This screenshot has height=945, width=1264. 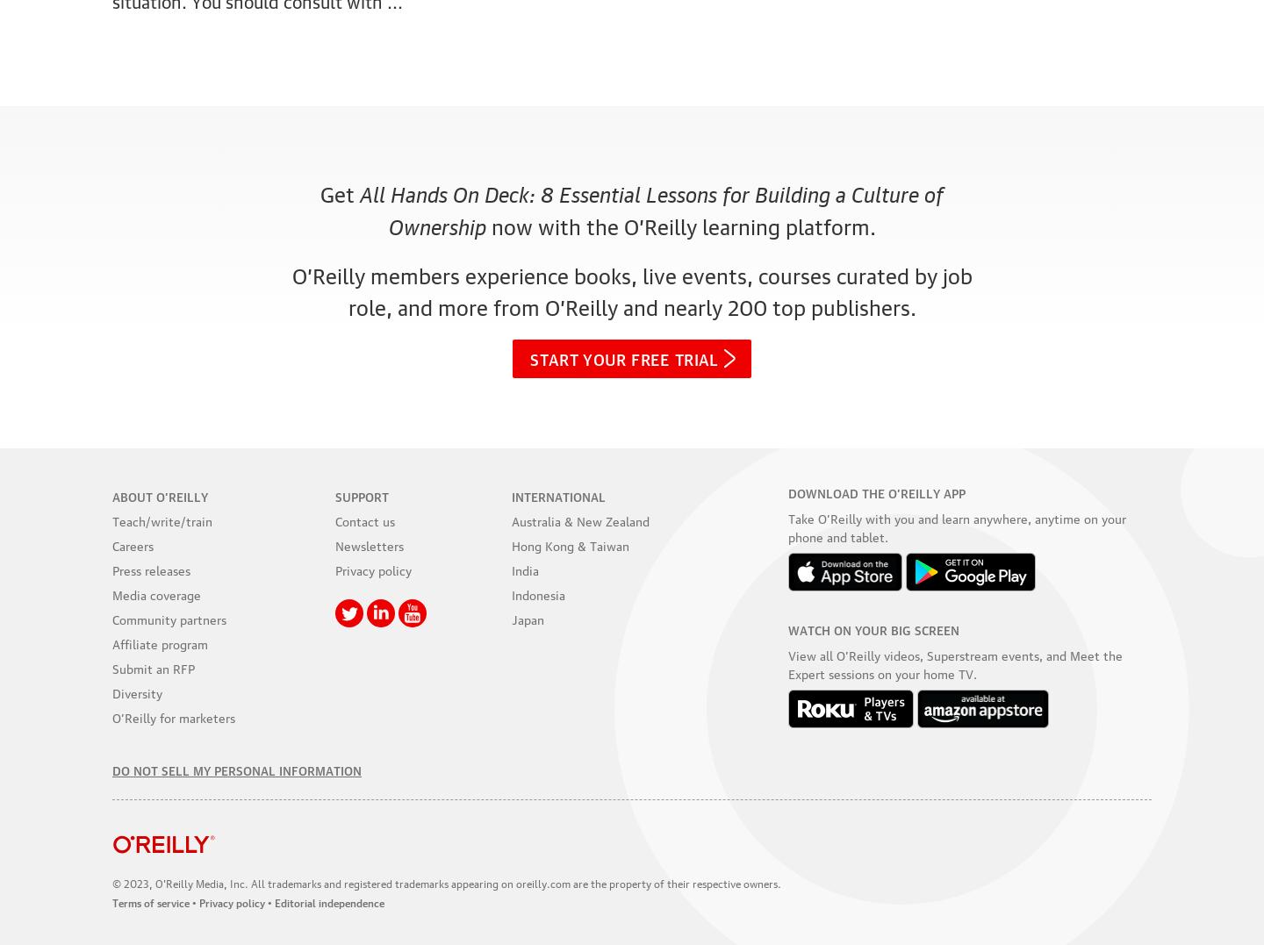 What do you see at coordinates (592, 224) in the screenshot?
I see `'now with the O’Reilly'` at bounding box center [592, 224].